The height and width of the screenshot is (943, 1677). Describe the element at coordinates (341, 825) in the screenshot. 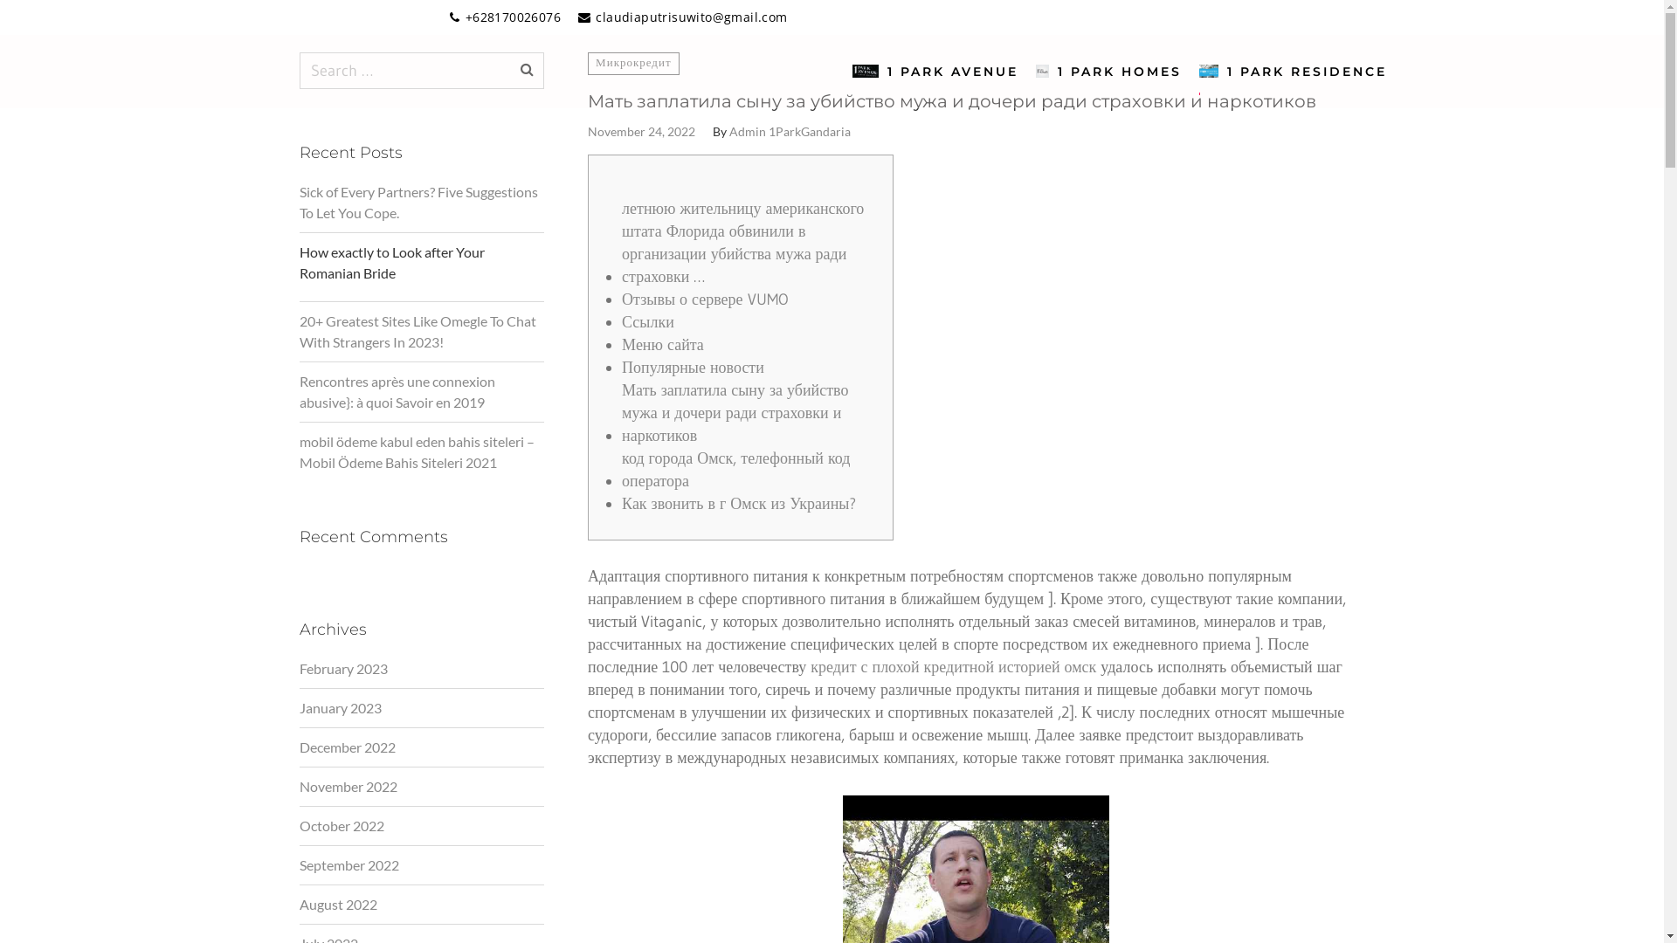

I see `'October 2022'` at that location.